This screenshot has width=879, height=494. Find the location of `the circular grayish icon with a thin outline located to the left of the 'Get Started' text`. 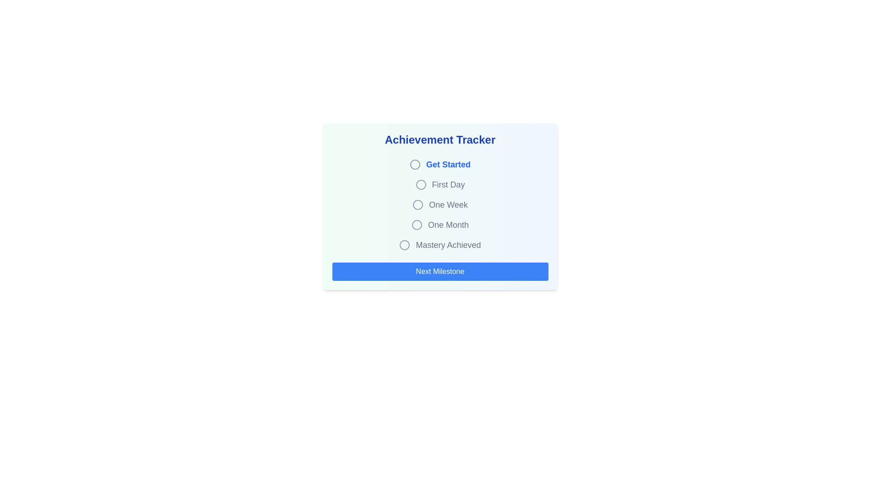

the circular grayish icon with a thin outline located to the left of the 'Get Started' text is located at coordinates (415, 164).